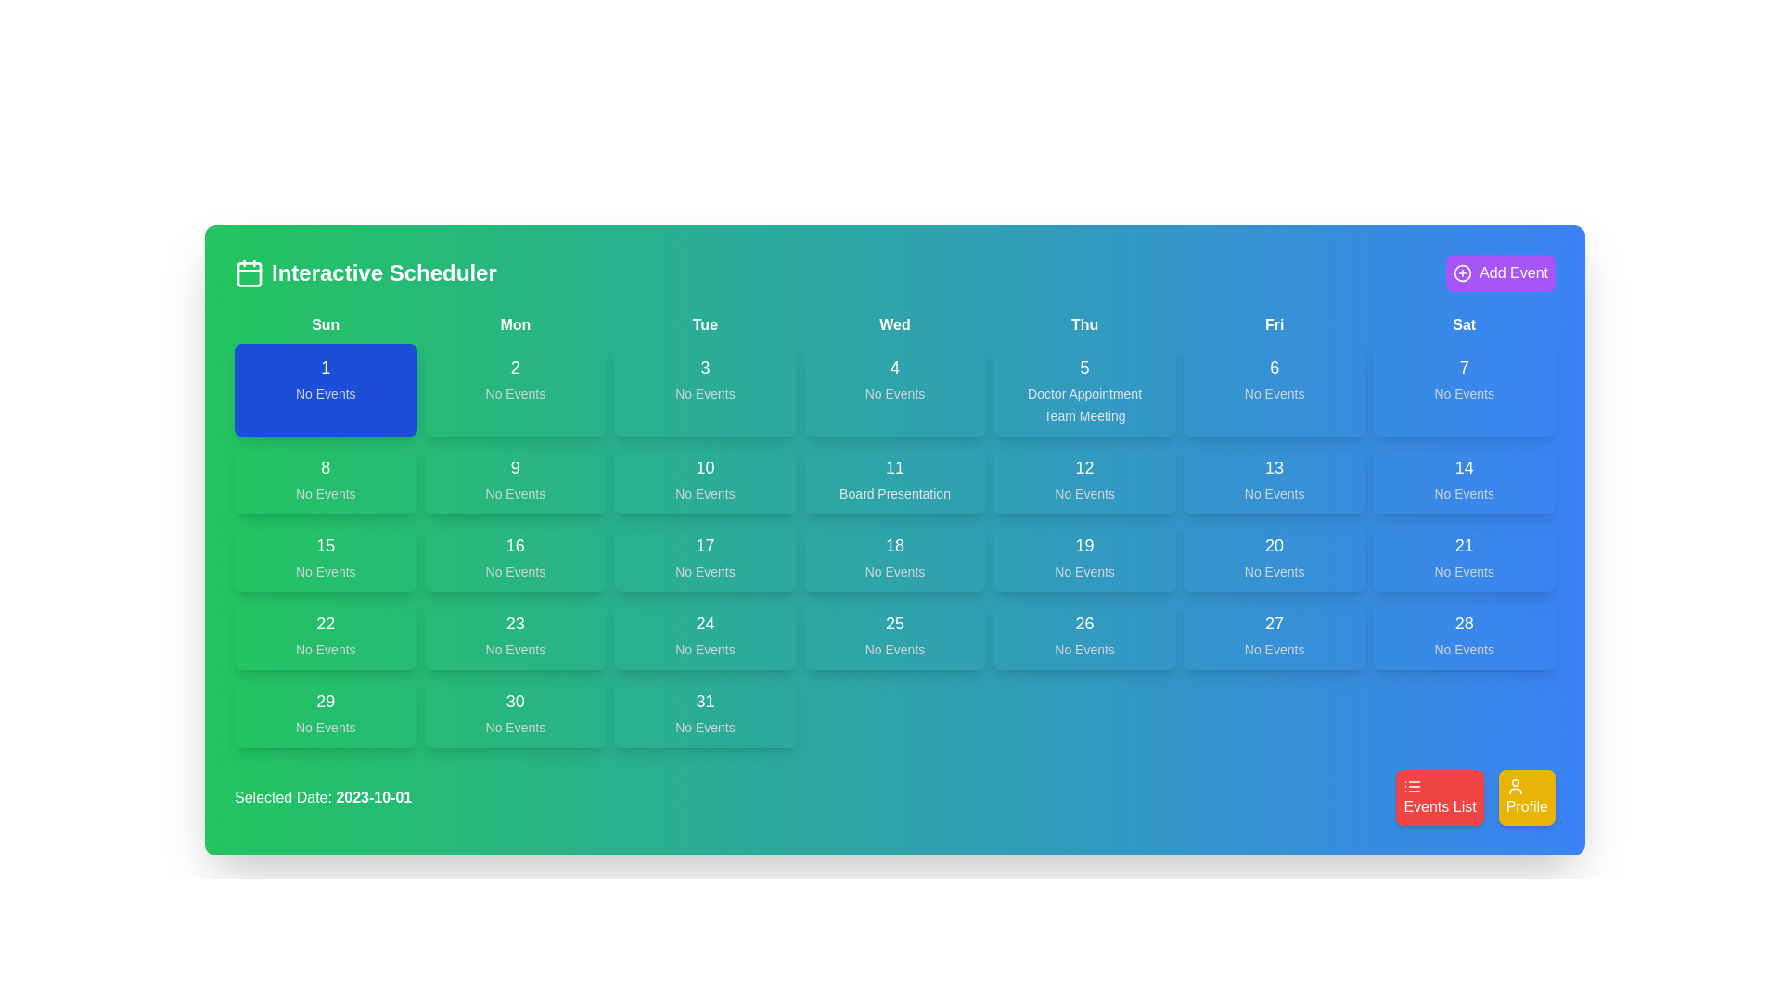  Describe the element at coordinates (515, 492) in the screenshot. I see `text 'No Events' displayed in the gray sans-serif font at the bottom of the green cell labeled '9' in the calendar grid` at that location.